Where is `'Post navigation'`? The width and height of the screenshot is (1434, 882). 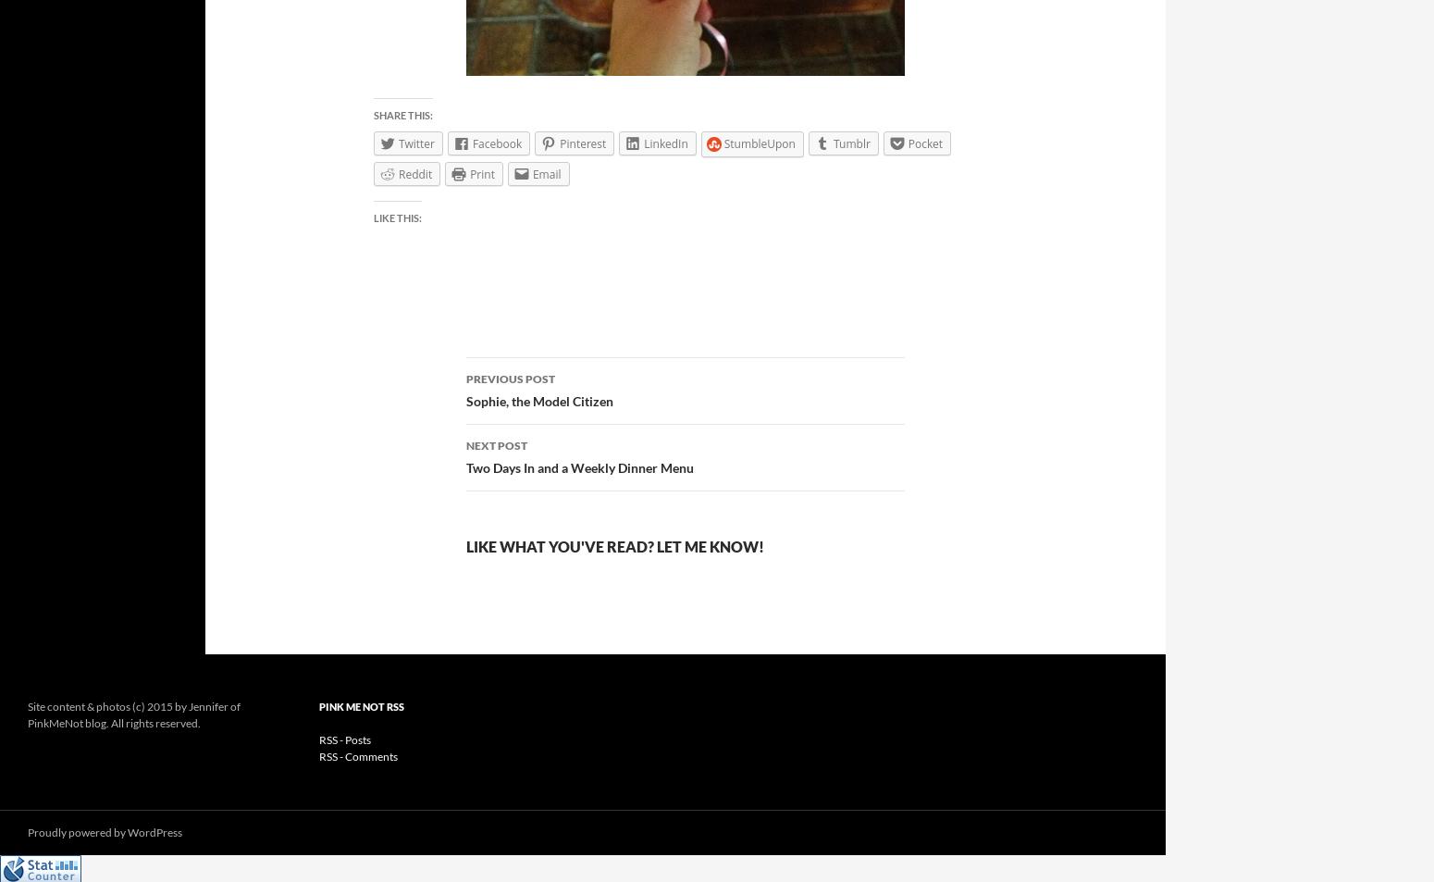 'Post navigation' is located at coordinates (550, 405).